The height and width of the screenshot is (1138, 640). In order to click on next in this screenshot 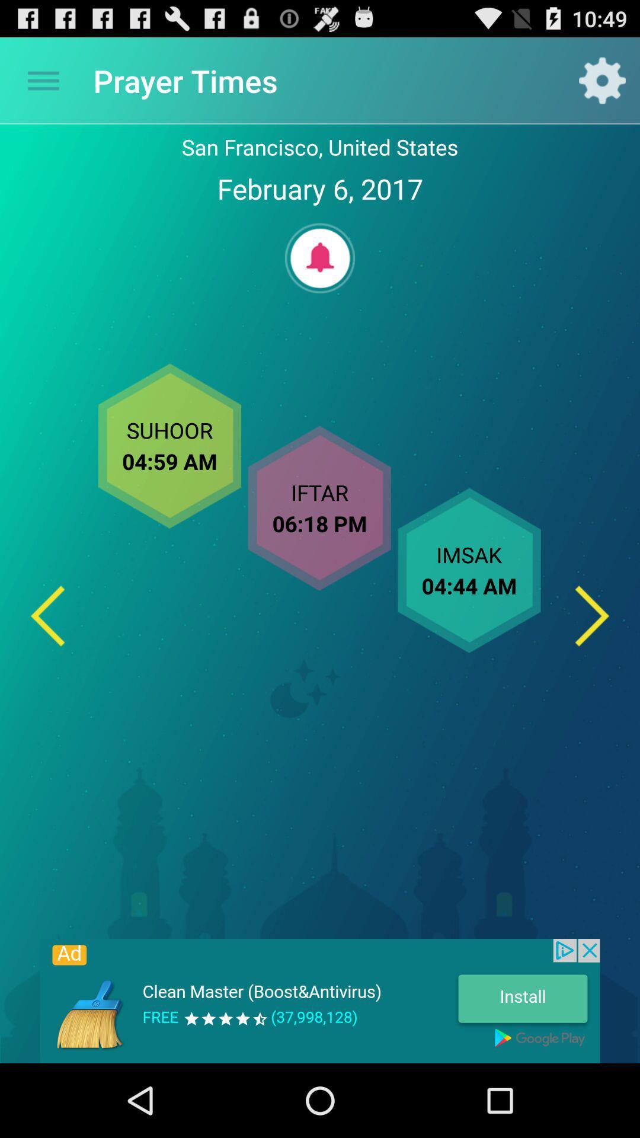, I will do `click(592, 616)`.